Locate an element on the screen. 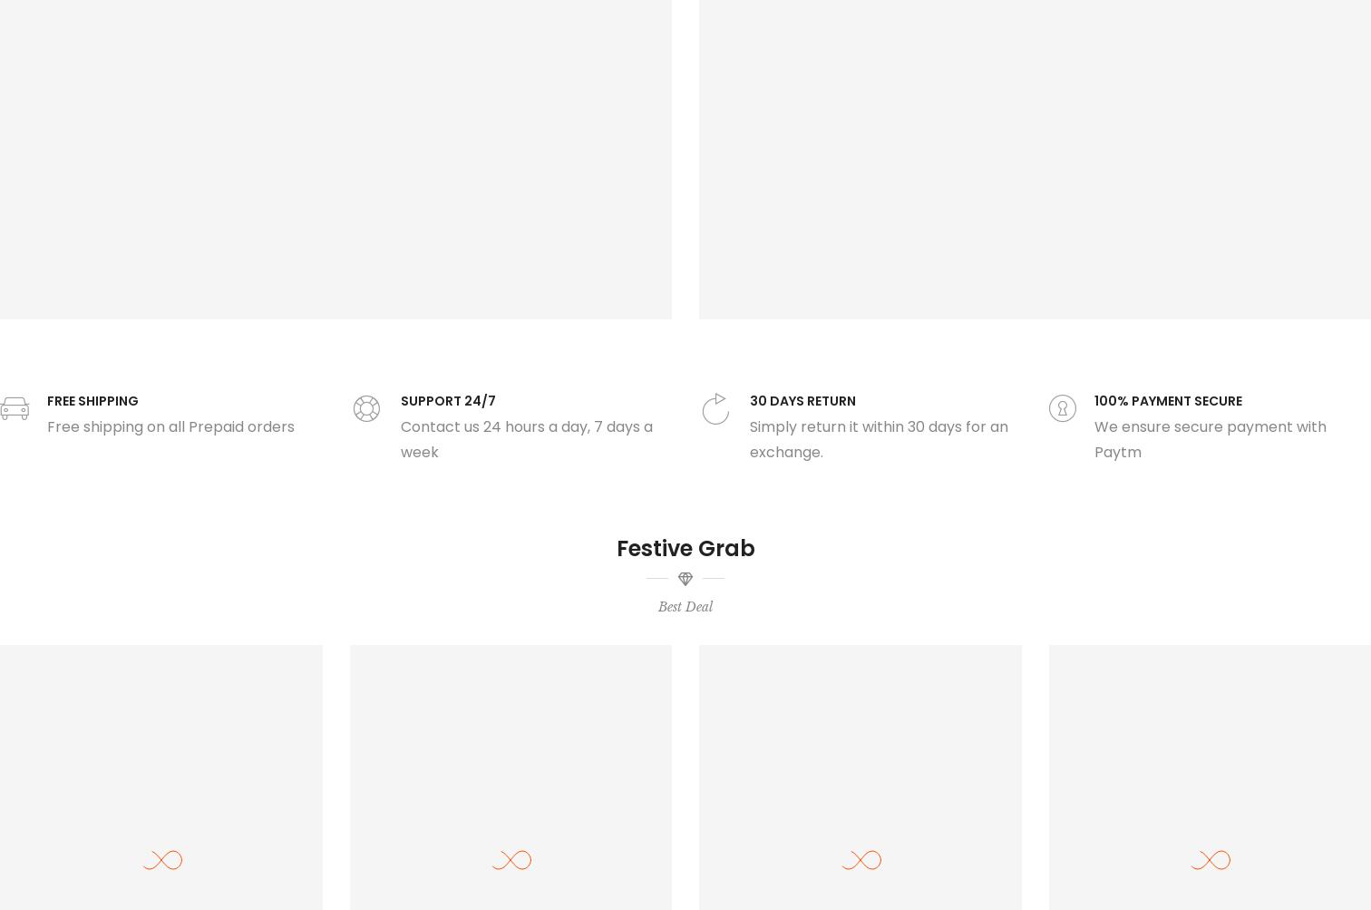 The width and height of the screenshot is (1371, 910). 'Simply return it within 30 days for an exchange.' is located at coordinates (879, 438).